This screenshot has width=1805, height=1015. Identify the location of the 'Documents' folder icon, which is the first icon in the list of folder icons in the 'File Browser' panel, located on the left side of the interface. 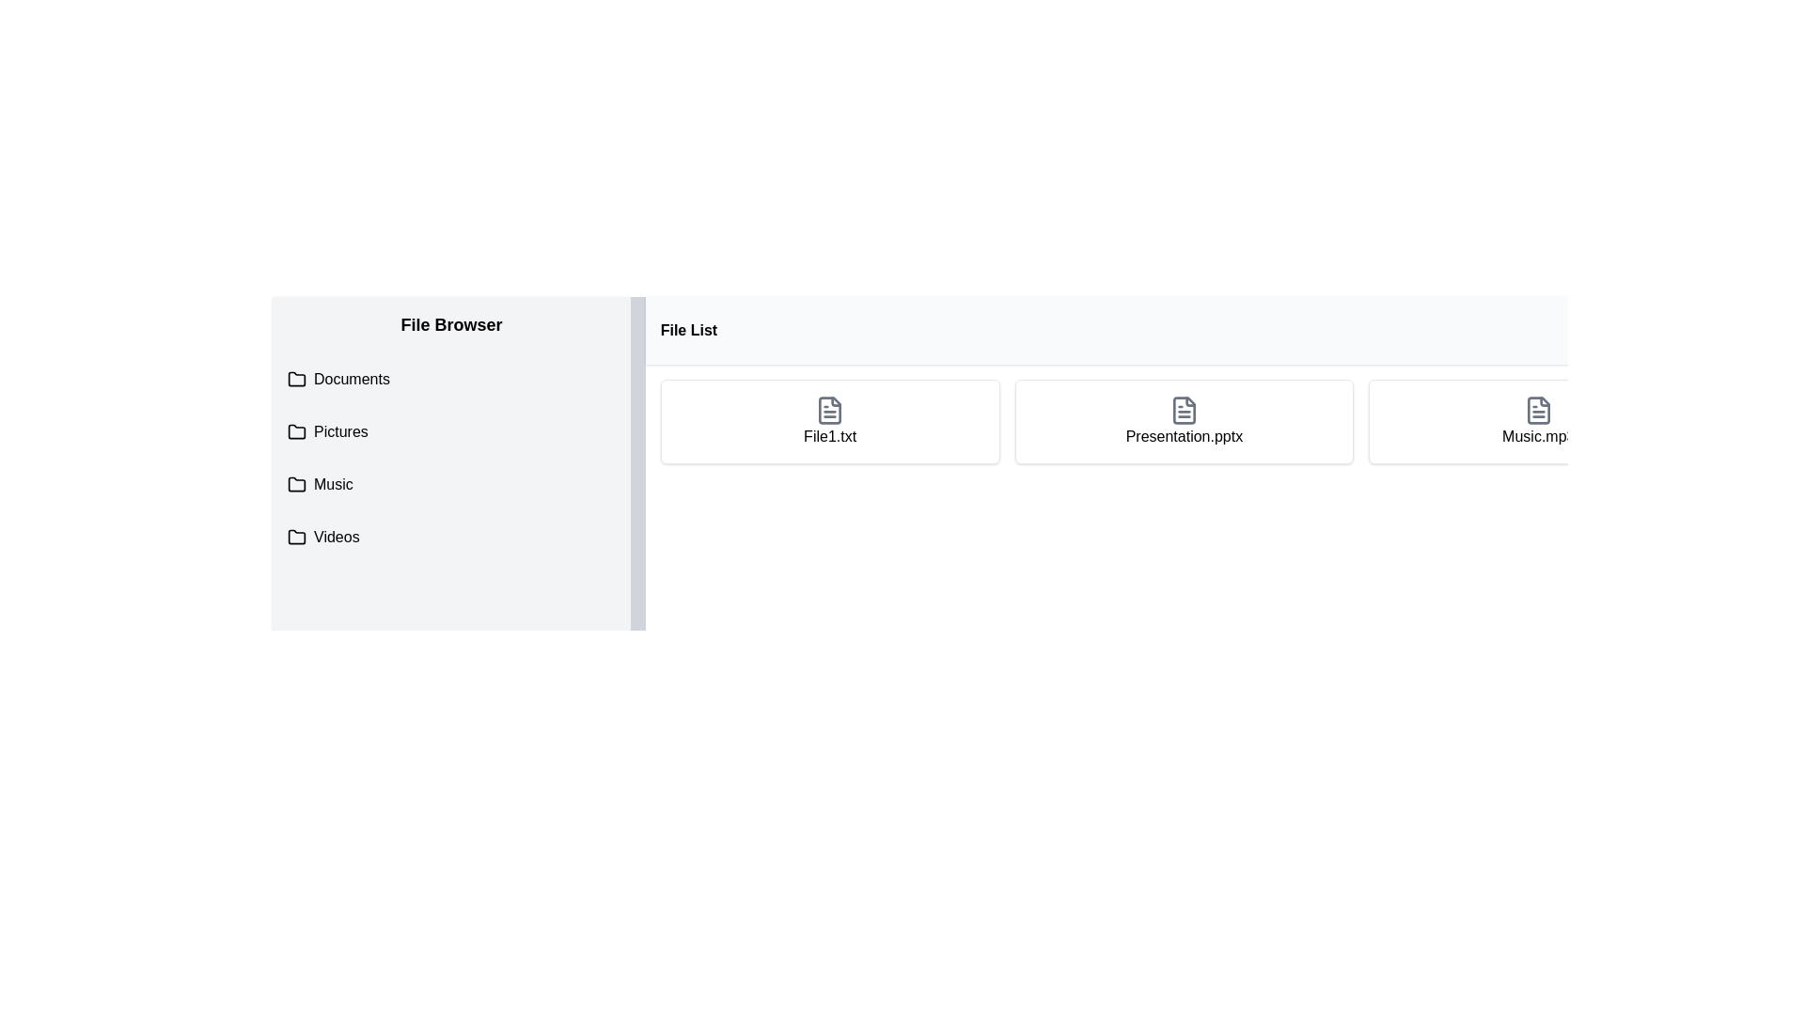
(296, 378).